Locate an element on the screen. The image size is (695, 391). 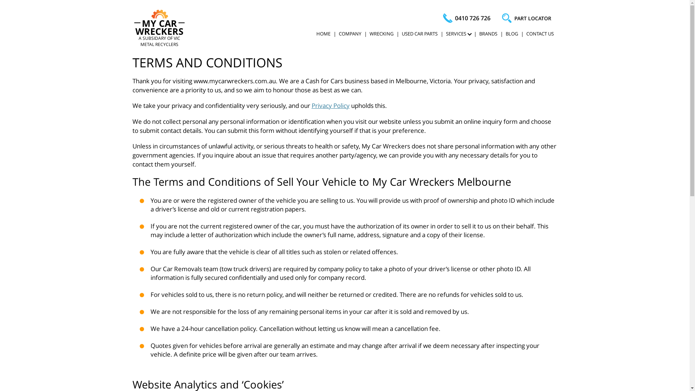
'BLOG' is located at coordinates (511, 33).